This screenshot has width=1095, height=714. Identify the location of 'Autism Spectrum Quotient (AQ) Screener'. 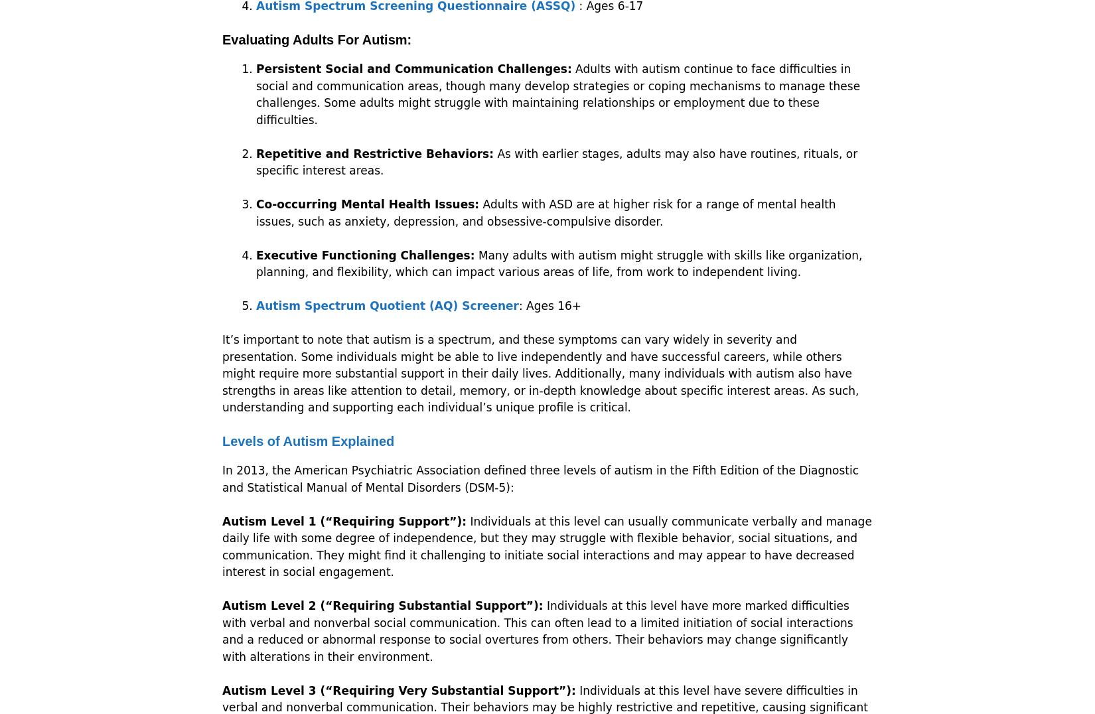
(386, 305).